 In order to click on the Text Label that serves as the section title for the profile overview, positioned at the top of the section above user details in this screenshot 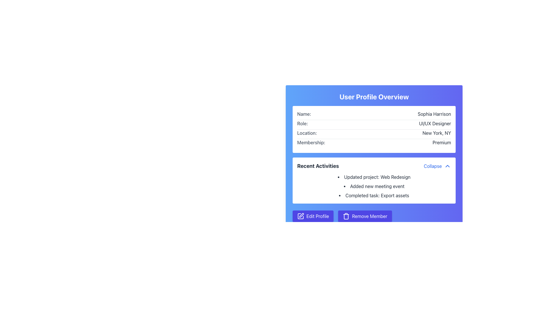, I will do `click(374, 96)`.